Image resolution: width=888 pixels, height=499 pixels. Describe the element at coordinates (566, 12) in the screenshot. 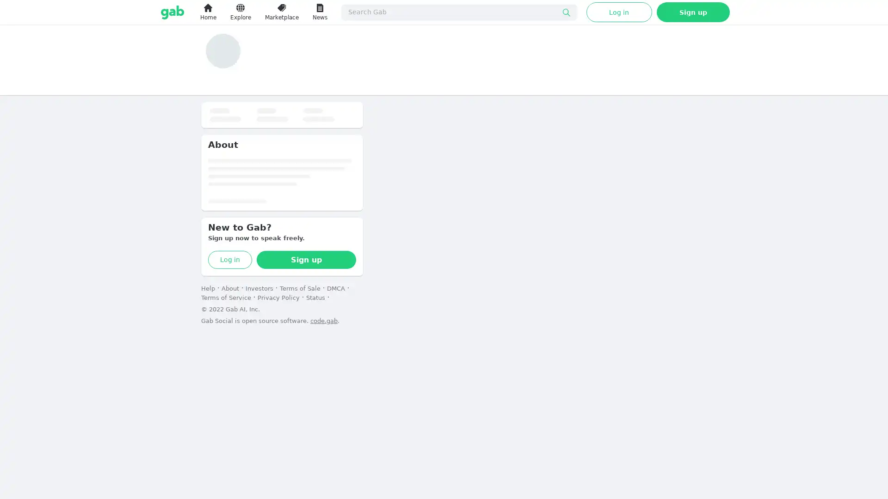

I see `Submit search` at that location.